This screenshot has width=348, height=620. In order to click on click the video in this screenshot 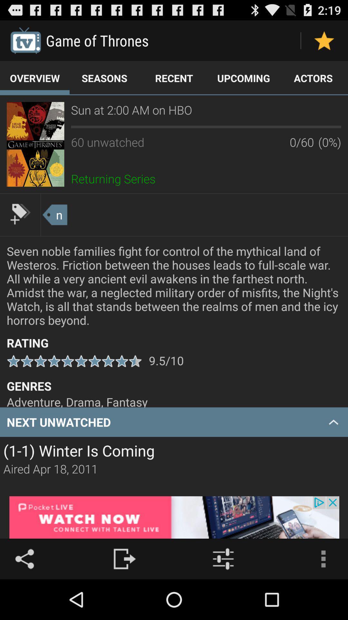, I will do `click(35, 144)`.